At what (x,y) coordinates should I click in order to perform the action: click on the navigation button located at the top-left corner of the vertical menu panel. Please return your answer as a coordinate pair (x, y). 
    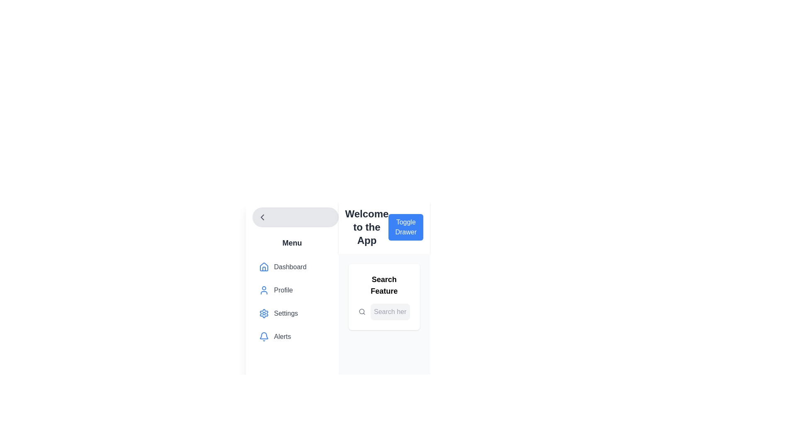
    Looking at the image, I should click on (295, 217).